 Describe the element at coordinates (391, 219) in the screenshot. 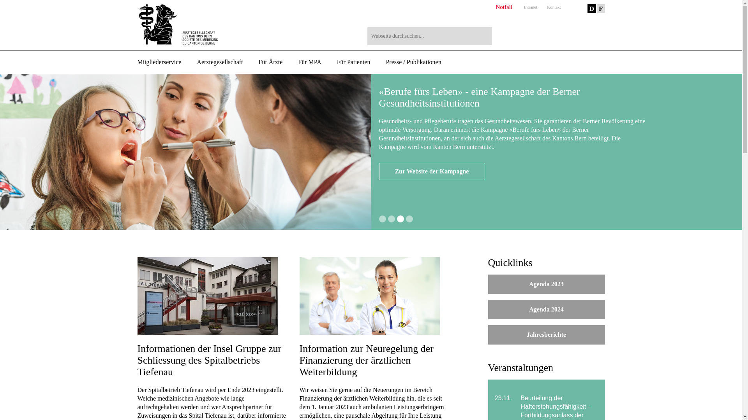

I see `'2'` at that location.